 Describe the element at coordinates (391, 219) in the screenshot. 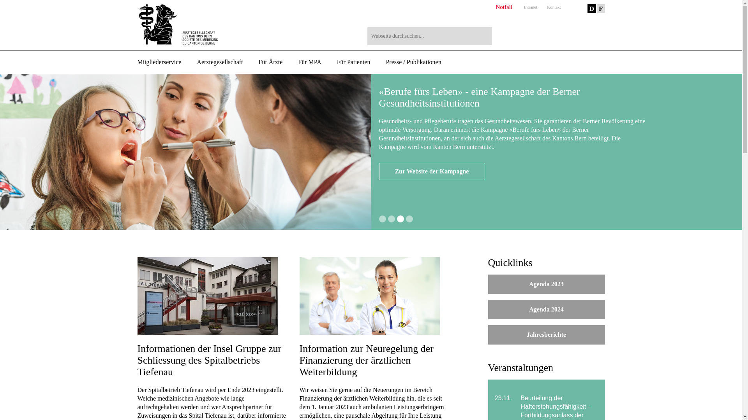

I see `'2'` at that location.